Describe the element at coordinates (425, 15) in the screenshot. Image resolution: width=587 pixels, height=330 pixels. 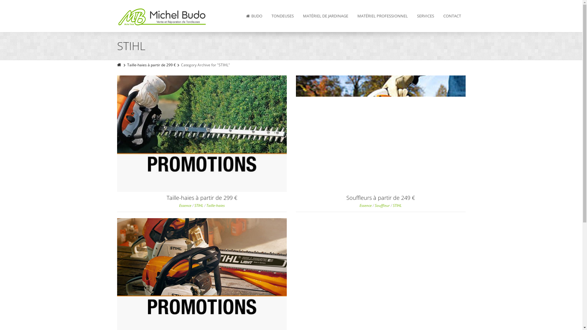
I see `'SERVICES'` at that location.